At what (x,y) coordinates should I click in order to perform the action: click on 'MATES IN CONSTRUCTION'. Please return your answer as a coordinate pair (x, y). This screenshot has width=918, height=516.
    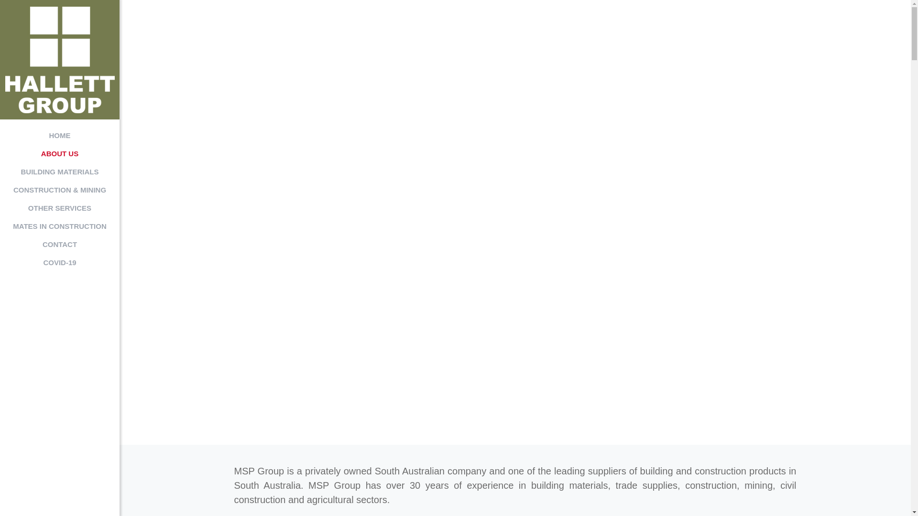
    Looking at the image, I should click on (0, 226).